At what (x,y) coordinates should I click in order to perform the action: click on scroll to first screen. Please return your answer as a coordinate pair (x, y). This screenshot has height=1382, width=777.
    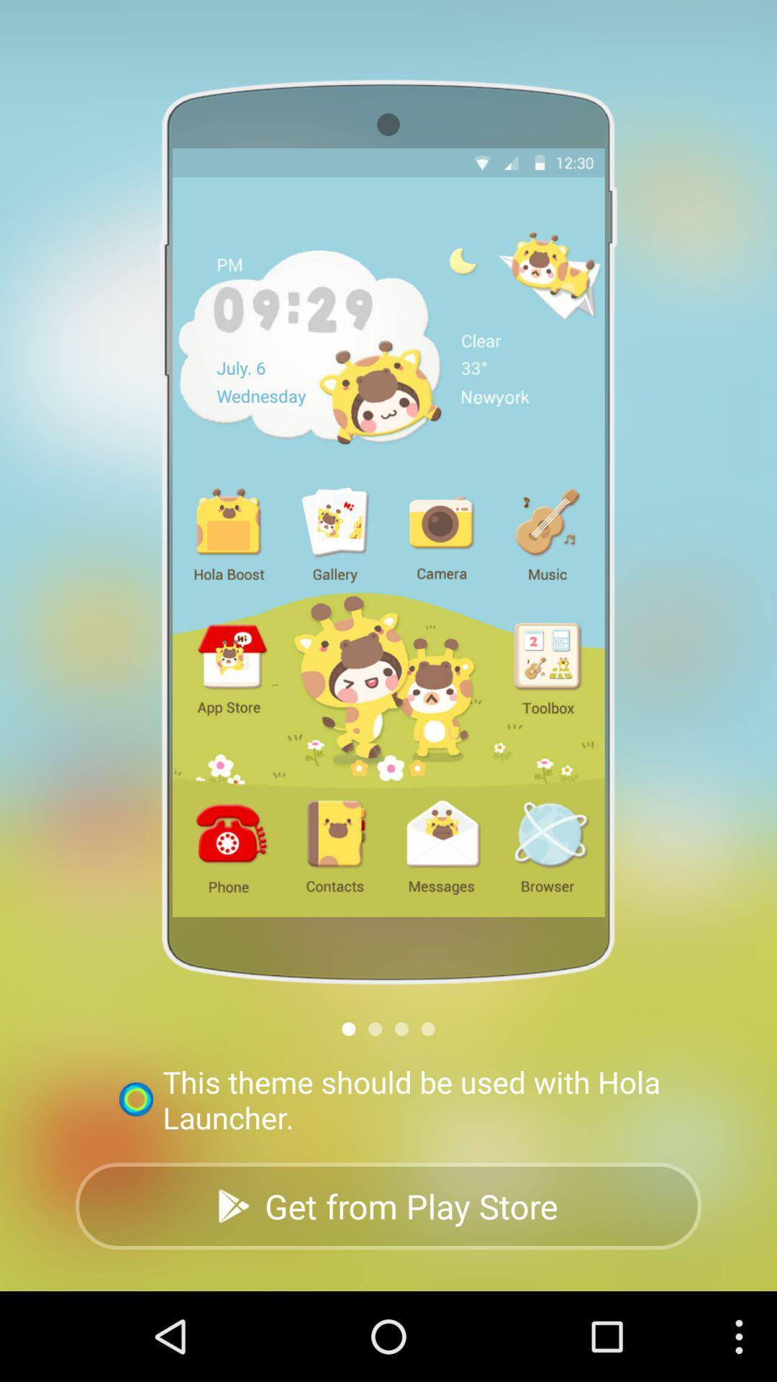
    Looking at the image, I should click on (348, 1028).